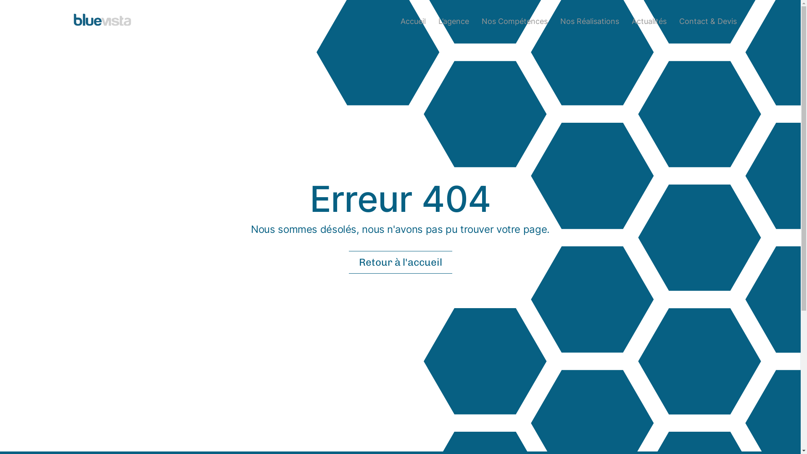 Image resolution: width=807 pixels, height=454 pixels. Describe the element at coordinates (707, 20) in the screenshot. I see `'Contact & Devis'` at that location.